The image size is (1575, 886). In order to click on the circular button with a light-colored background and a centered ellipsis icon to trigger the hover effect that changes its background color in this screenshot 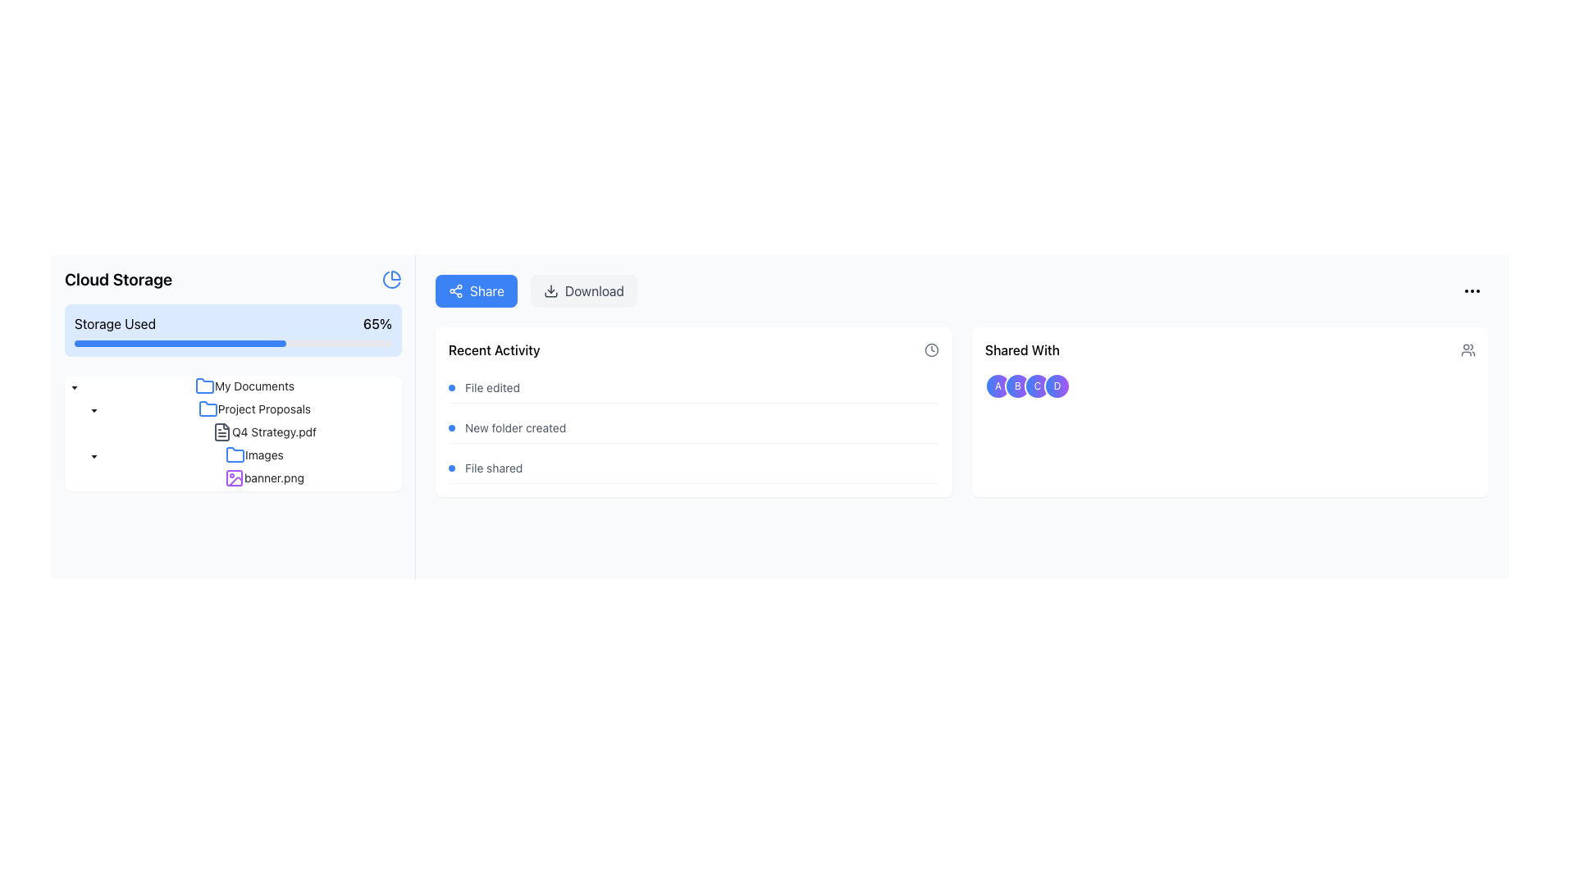, I will do `click(1472, 290)`.